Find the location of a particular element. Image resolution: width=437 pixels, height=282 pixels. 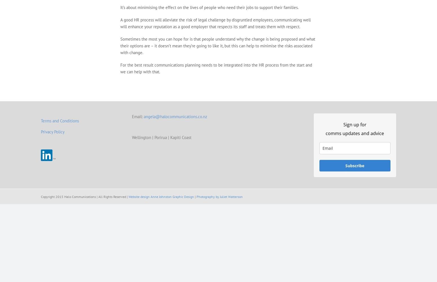

'Privacy Policy' is located at coordinates (52, 131).